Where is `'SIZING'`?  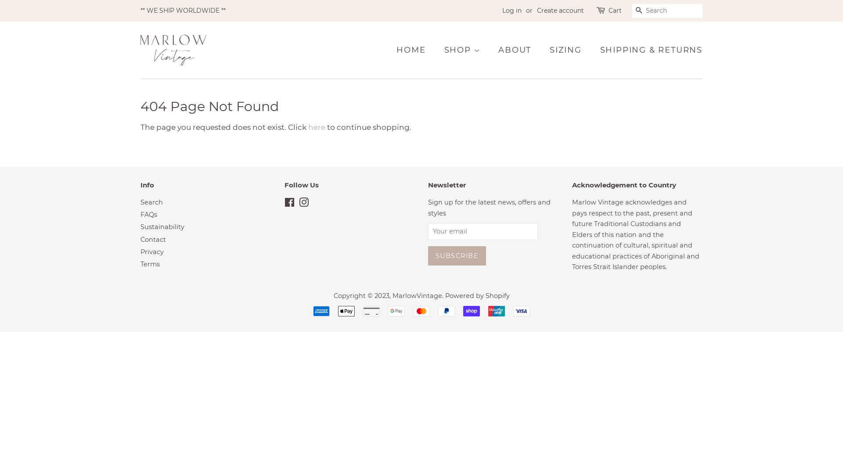 'SIZING' is located at coordinates (567, 50).